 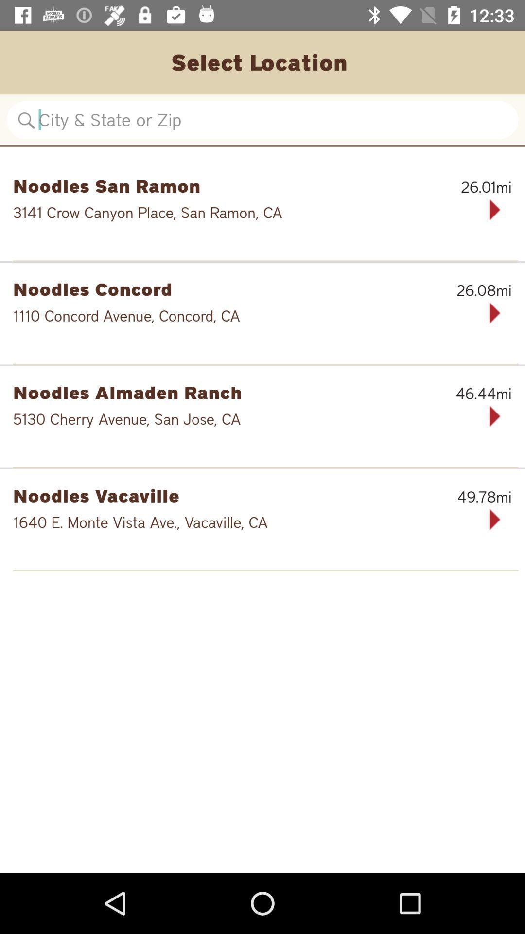 I want to click on the icon above the noodles vacaville, so click(x=265, y=467).